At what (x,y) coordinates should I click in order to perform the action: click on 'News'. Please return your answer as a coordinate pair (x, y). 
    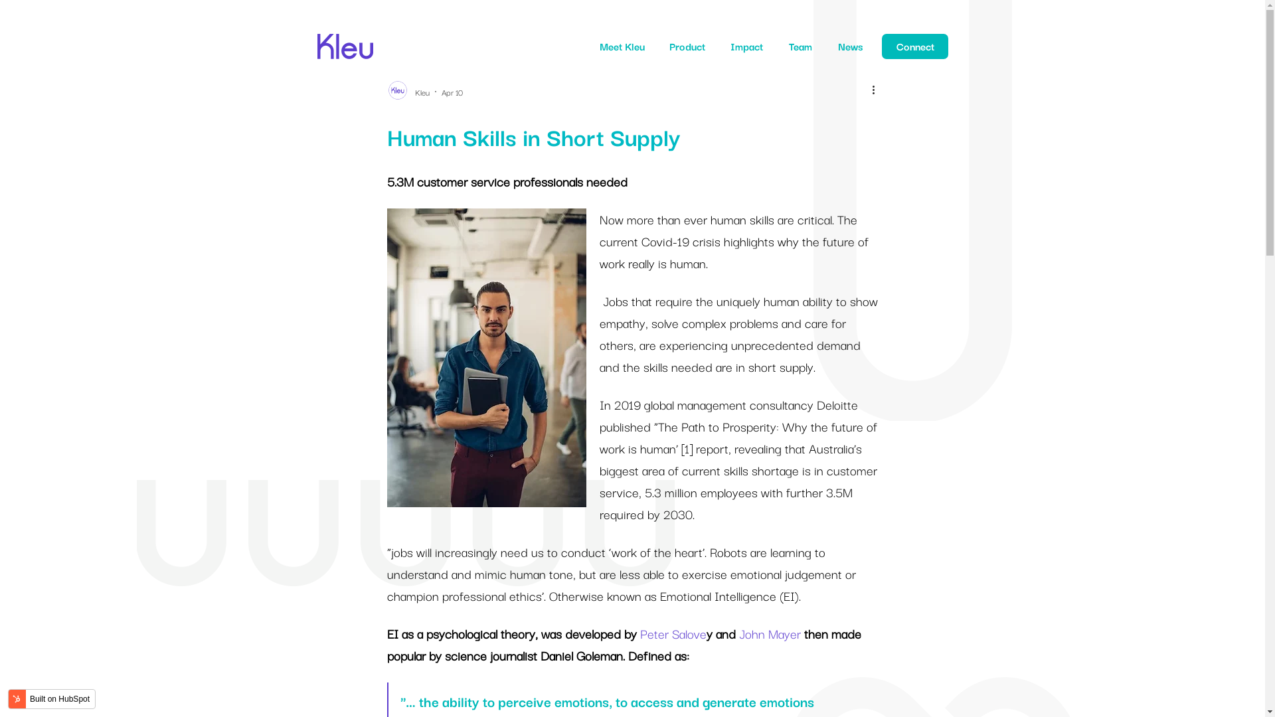
    Looking at the image, I should click on (837, 45).